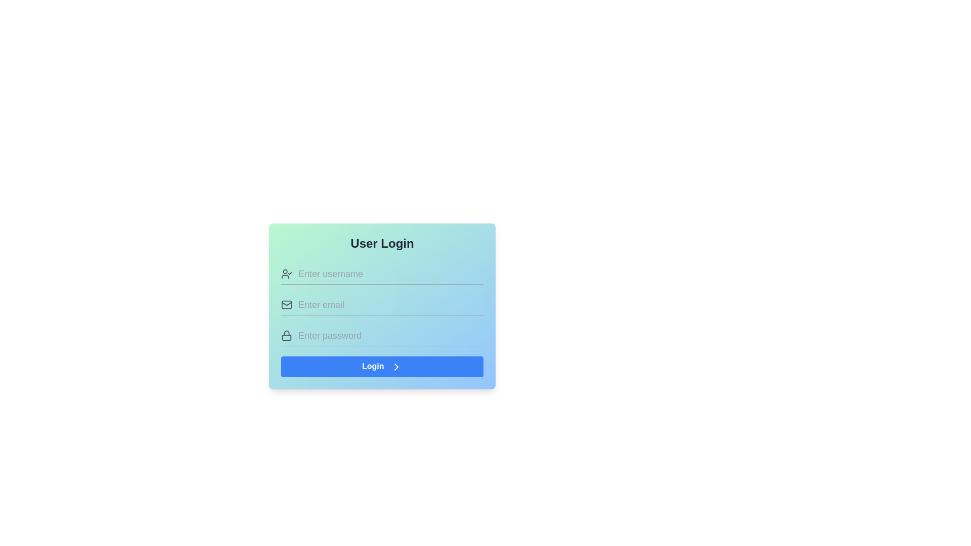 This screenshot has height=546, width=971. I want to click on the envelope-shaped icon with thin gray lines on a light mint green background, located to the left of the 'Enter email' text input field in the login form, so click(286, 304).